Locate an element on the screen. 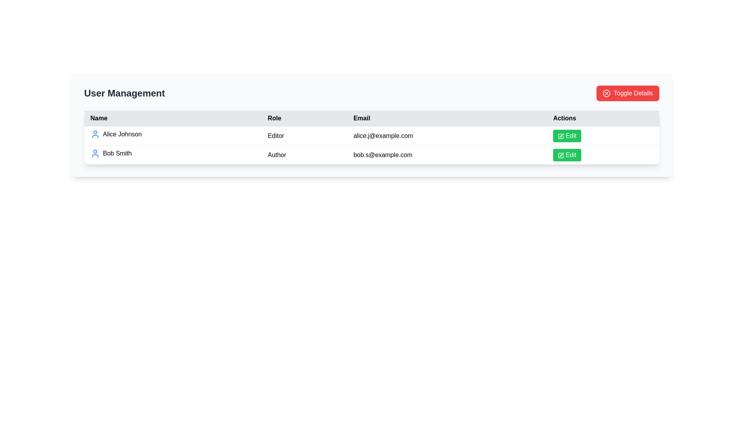 This screenshot has width=750, height=422. the second 'Edit' button with a green background and white text labeled 'Edit' in the 'Actions' column of the user table, aligned with 'Bob Smith' in the 'Name' column is located at coordinates (567, 155).